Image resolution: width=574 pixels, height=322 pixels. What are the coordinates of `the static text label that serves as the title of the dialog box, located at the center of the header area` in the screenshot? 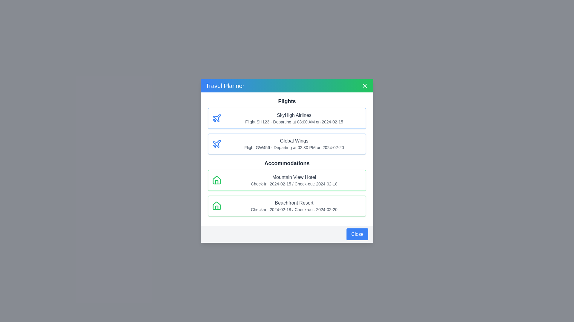 It's located at (225, 86).